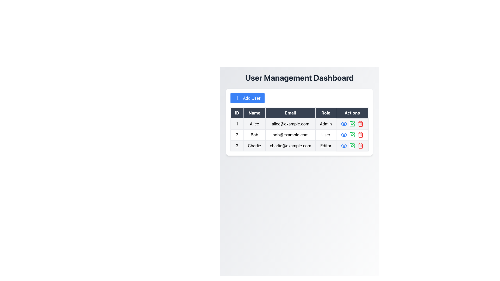 The height and width of the screenshot is (281, 500). What do you see at coordinates (237, 98) in the screenshot?
I see `the button containing the '+' icon, which is located to the left of the 'Add User' text in the top section of the interface` at bounding box center [237, 98].